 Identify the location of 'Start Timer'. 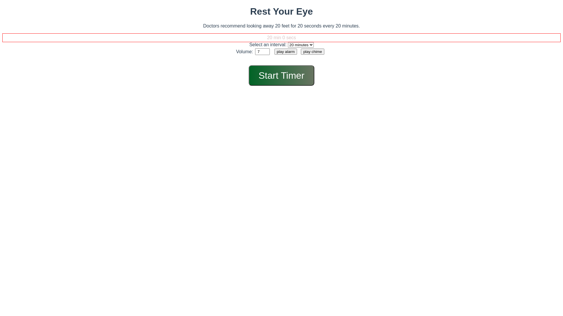
(281, 75).